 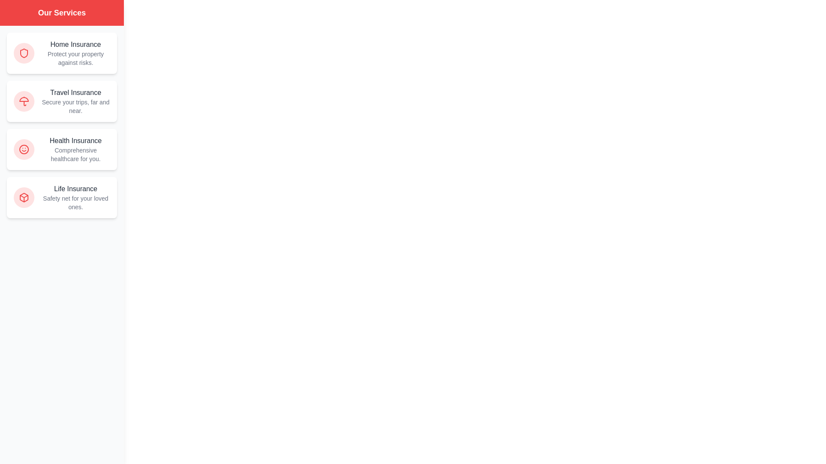 What do you see at coordinates (62, 101) in the screenshot?
I see `the Travel Insurance service card to interact with it` at bounding box center [62, 101].